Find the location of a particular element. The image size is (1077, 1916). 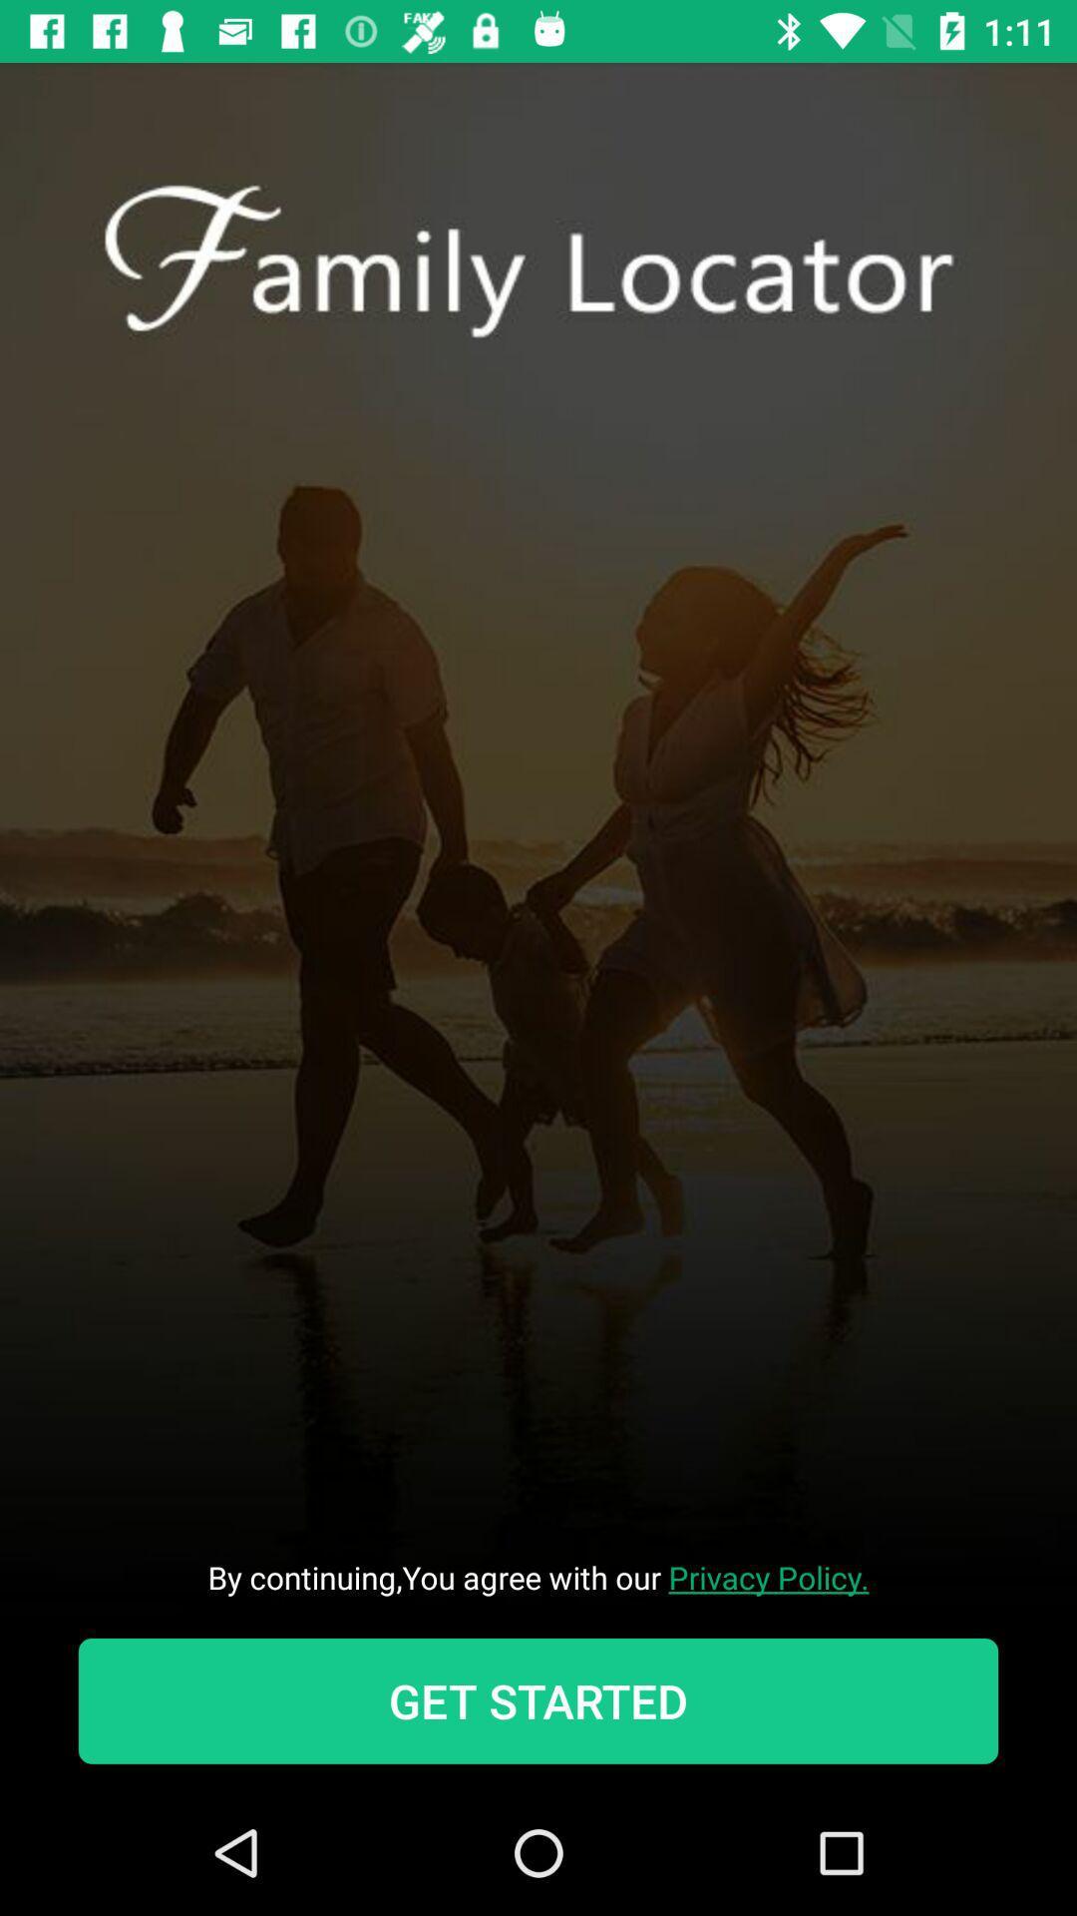

get started item is located at coordinates (538, 1699).